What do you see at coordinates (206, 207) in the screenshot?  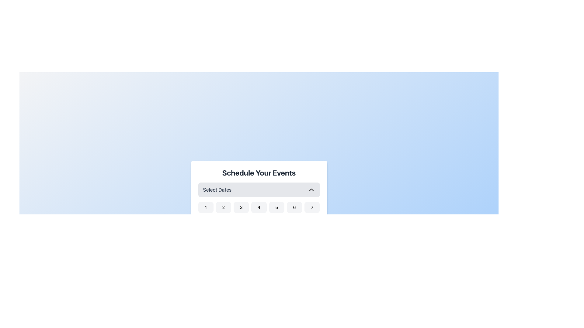 I see `the selectable date button in the first column of the top row in the grid below 'Schedule Your Events' to change its background color` at bounding box center [206, 207].